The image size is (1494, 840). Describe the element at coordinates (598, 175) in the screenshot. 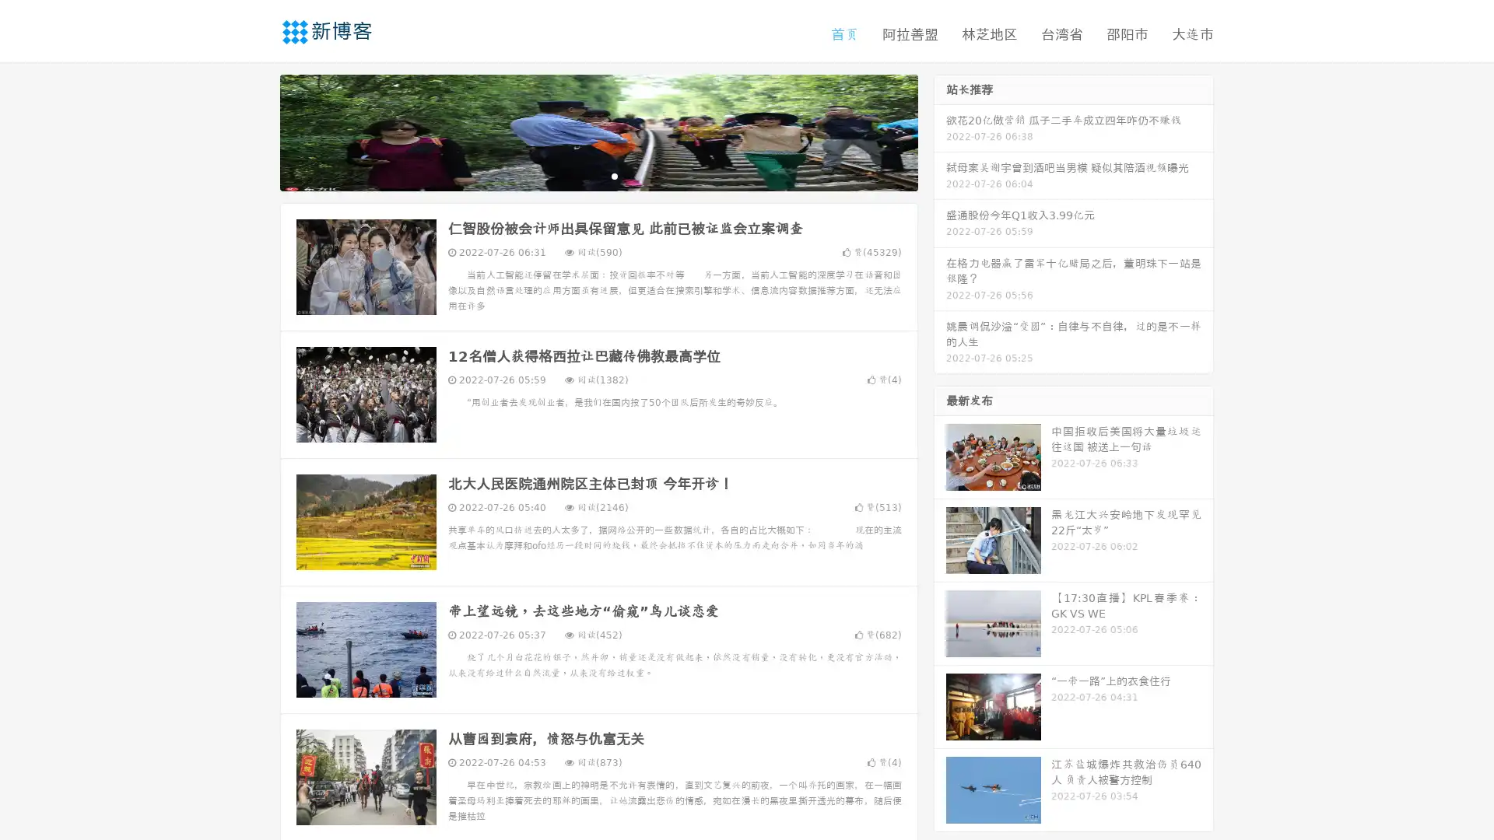

I see `Go to slide 2` at that location.